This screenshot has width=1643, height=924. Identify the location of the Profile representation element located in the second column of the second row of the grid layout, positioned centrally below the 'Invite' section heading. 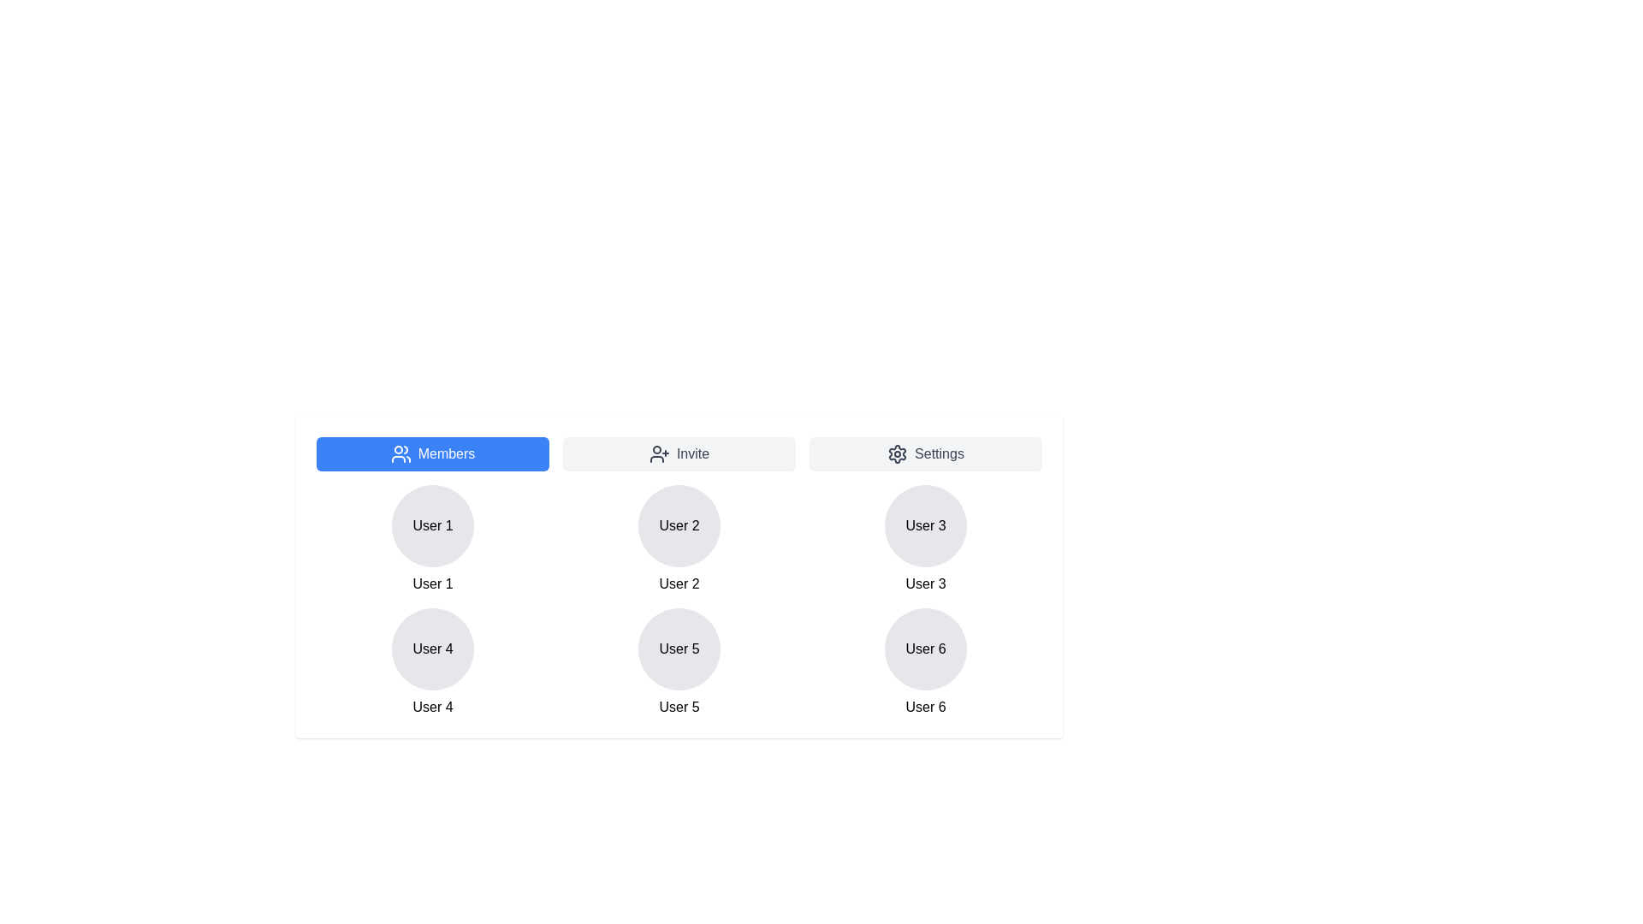
(678, 649).